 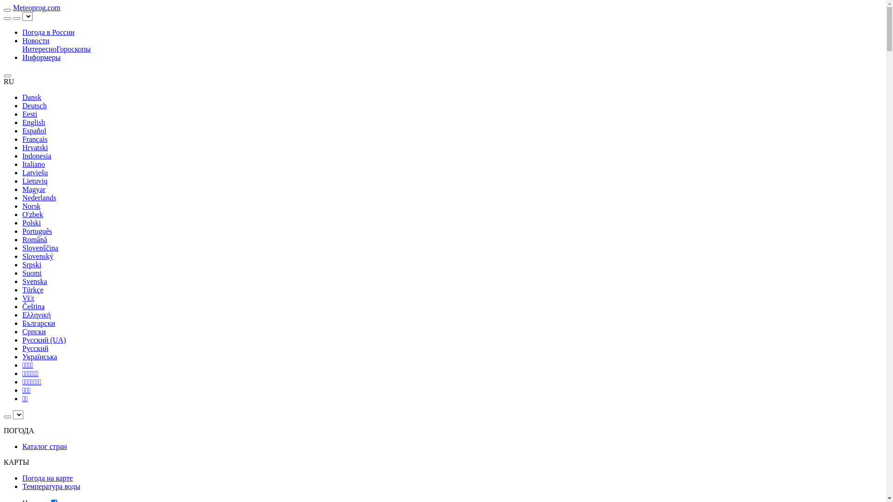 I want to click on 'Srpski', so click(x=32, y=264).